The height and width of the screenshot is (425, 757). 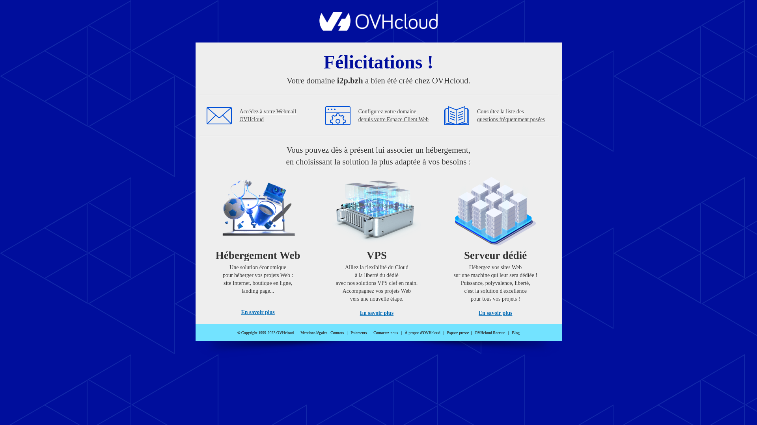 What do you see at coordinates (489, 333) in the screenshot?
I see `'OVHcloud Recrute'` at bounding box center [489, 333].